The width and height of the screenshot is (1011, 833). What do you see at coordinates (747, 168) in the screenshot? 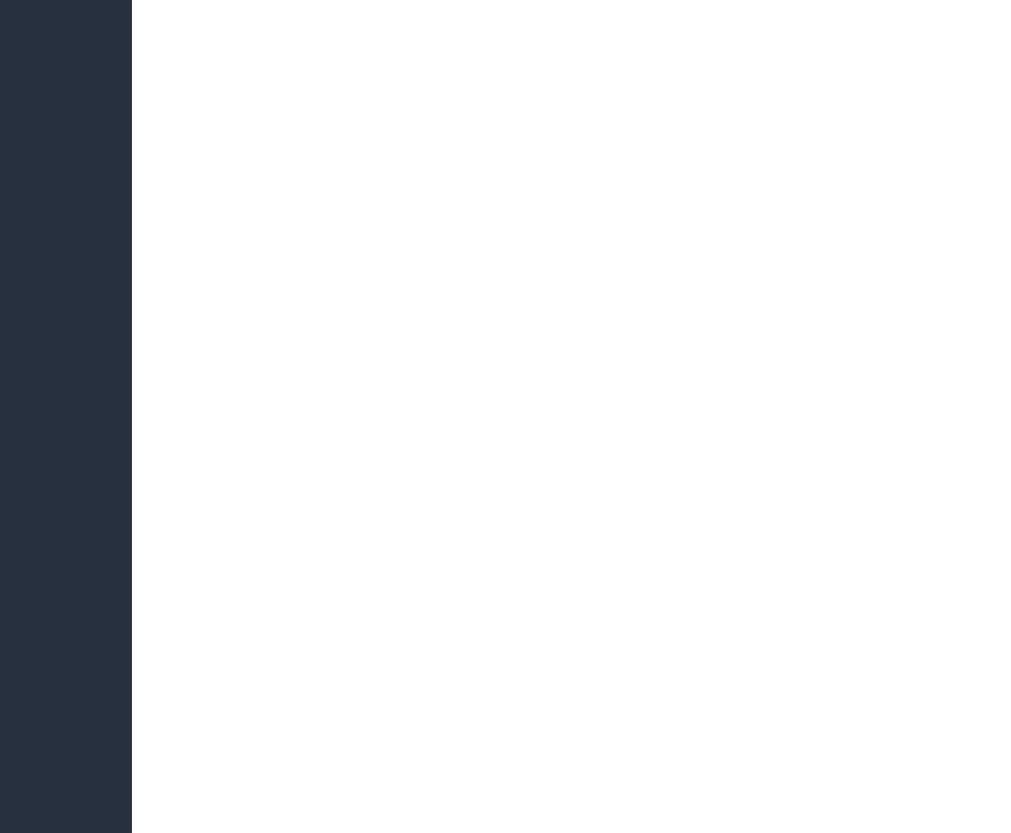
I see `'Nordic Council of Ministers'` at bounding box center [747, 168].